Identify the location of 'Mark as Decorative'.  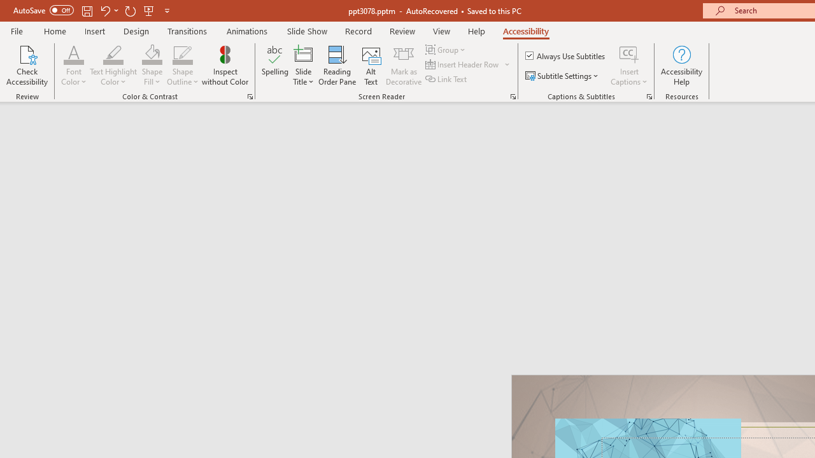
(403, 66).